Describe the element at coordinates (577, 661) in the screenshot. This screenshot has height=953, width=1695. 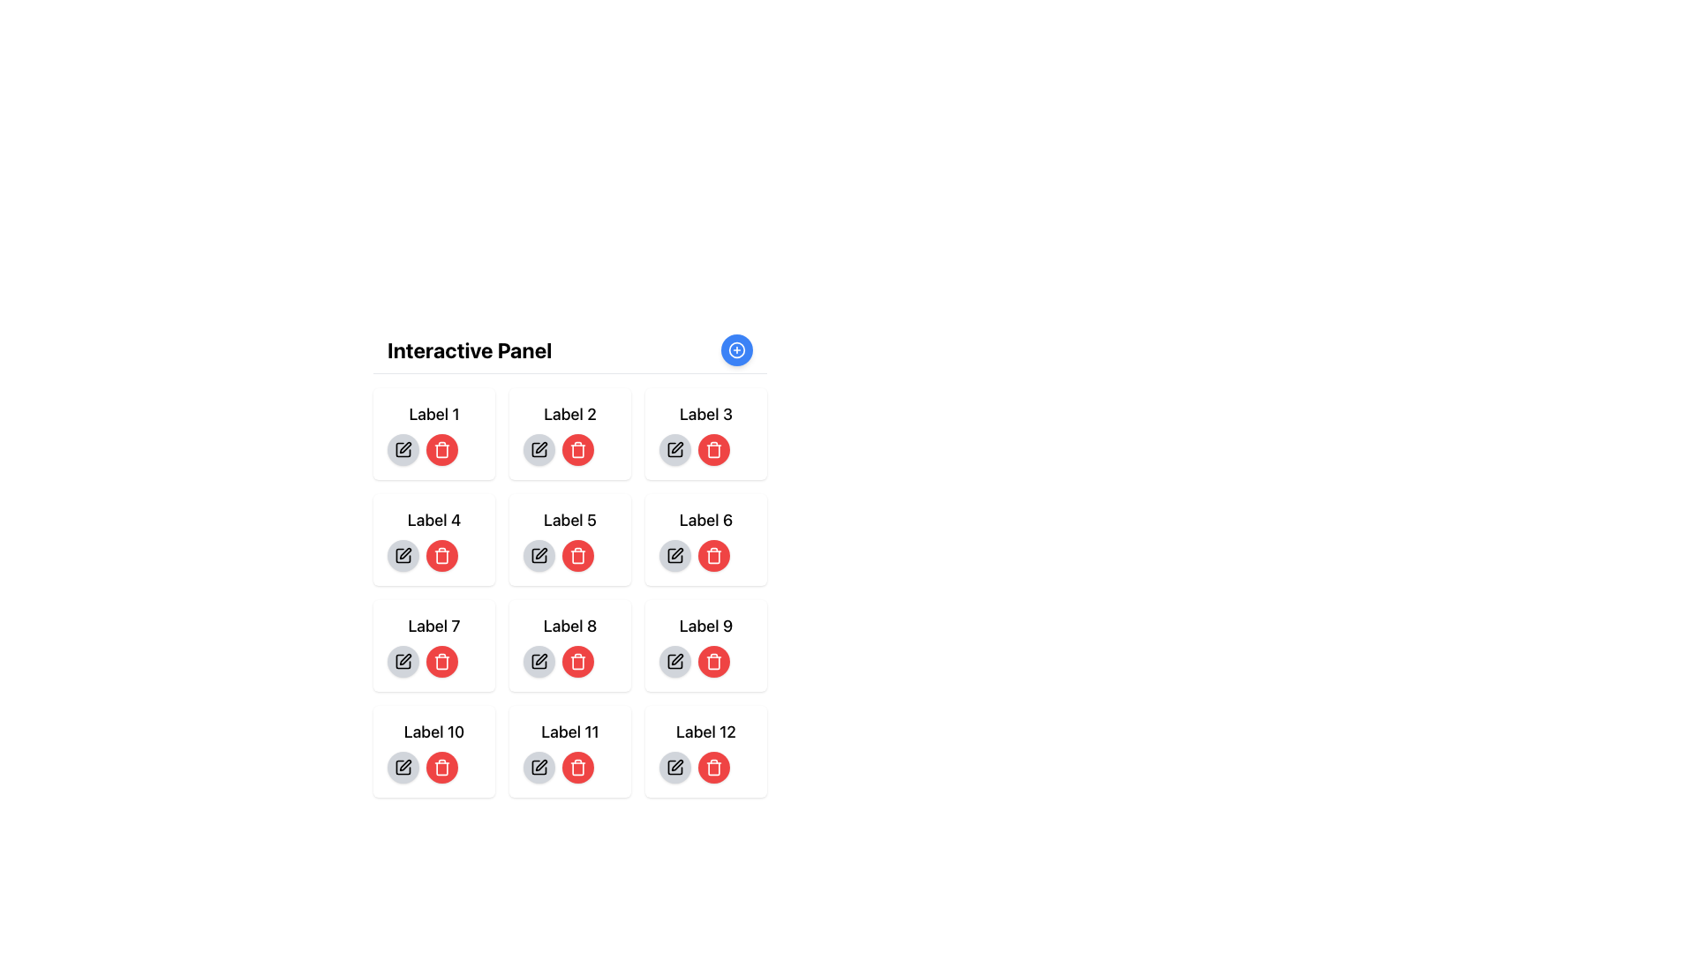
I see `the delete icon button located in the grid layout associated with 'Label 8'` at that location.